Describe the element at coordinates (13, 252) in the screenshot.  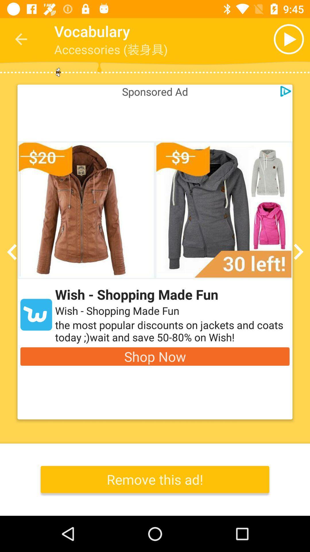
I see `the arrow_backward icon` at that location.